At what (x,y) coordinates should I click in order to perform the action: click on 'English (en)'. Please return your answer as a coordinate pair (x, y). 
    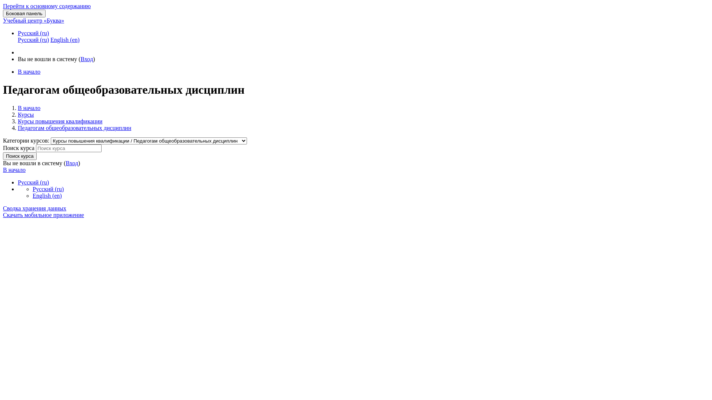
    Looking at the image, I should click on (47, 195).